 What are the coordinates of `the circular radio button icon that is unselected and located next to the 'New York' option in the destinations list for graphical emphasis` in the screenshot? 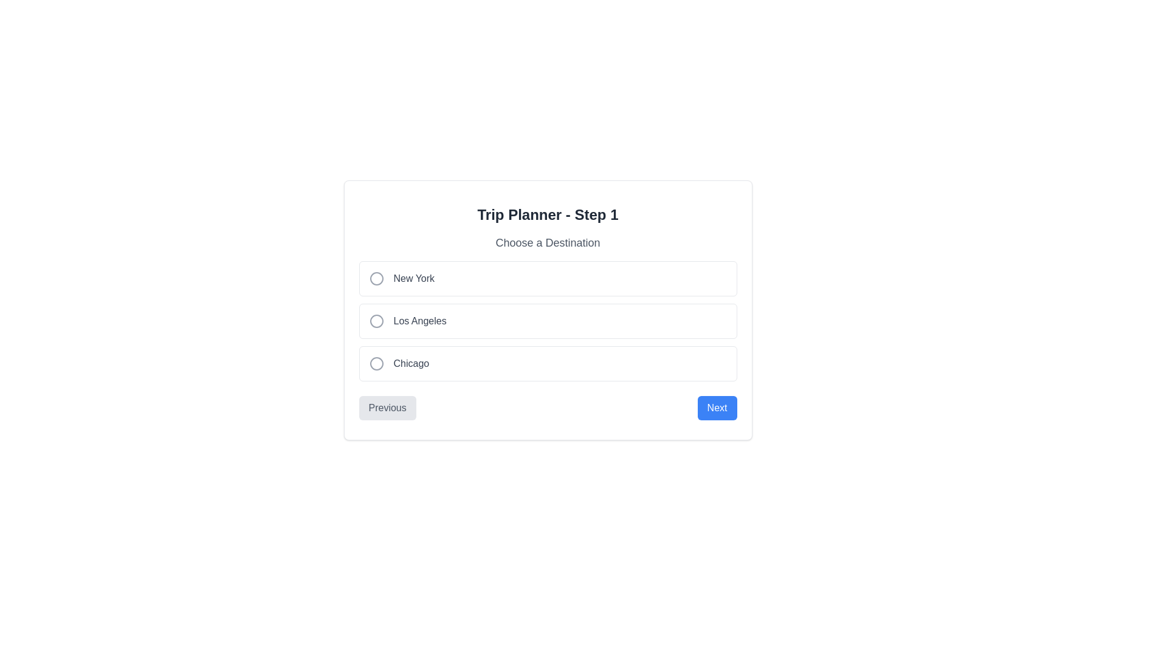 It's located at (376, 279).